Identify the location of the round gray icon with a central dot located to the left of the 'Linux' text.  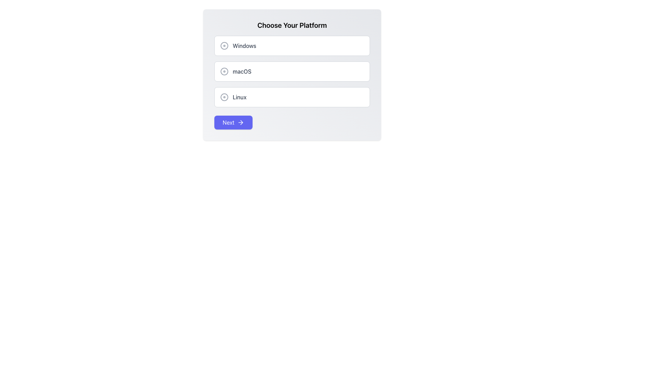
(224, 97).